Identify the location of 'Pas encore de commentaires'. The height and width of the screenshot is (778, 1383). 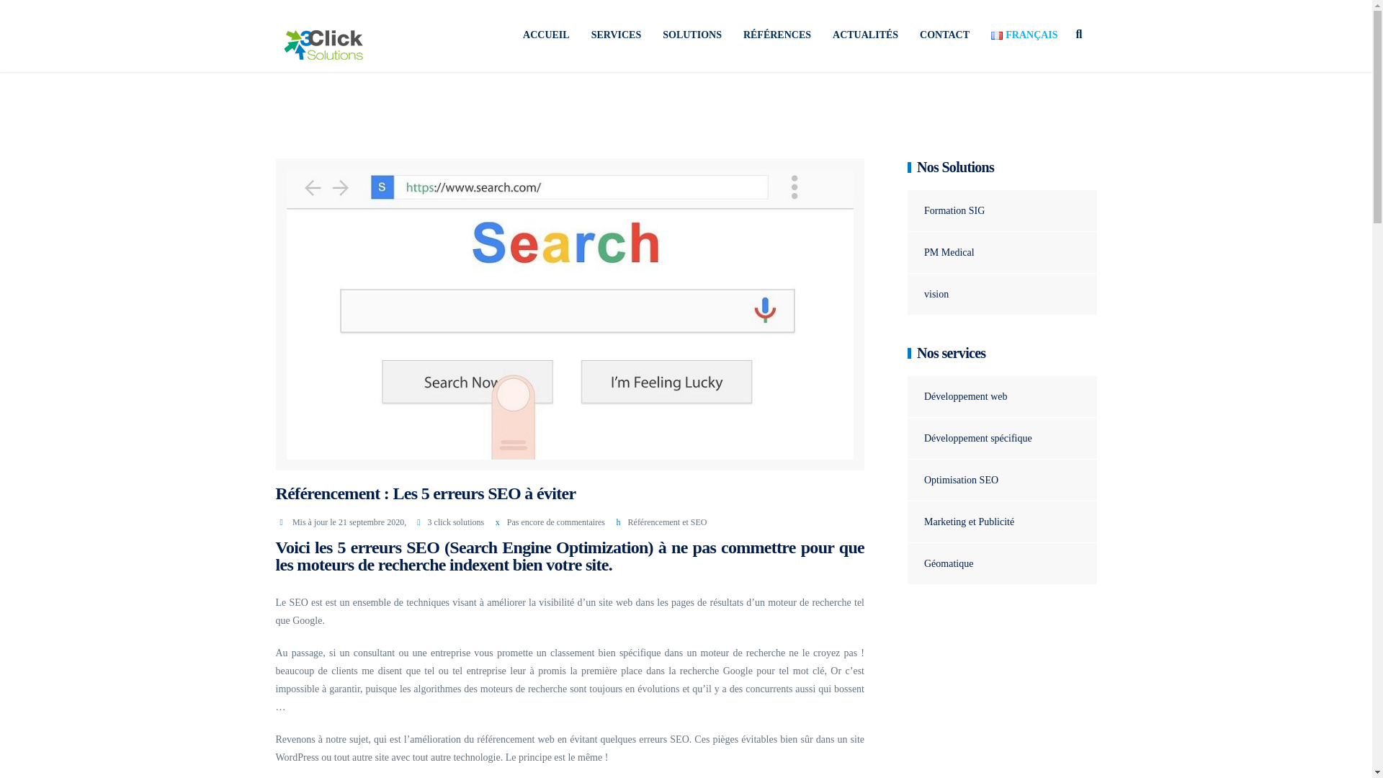
(555, 522).